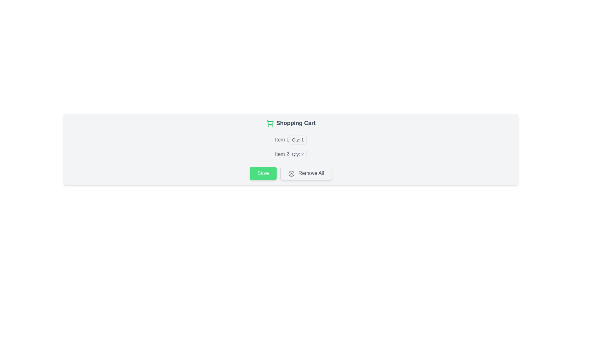 This screenshot has width=607, height=341. I want to click on the labeled text element representing the quantity of the first item in the shopping cart, so click(291, 140).